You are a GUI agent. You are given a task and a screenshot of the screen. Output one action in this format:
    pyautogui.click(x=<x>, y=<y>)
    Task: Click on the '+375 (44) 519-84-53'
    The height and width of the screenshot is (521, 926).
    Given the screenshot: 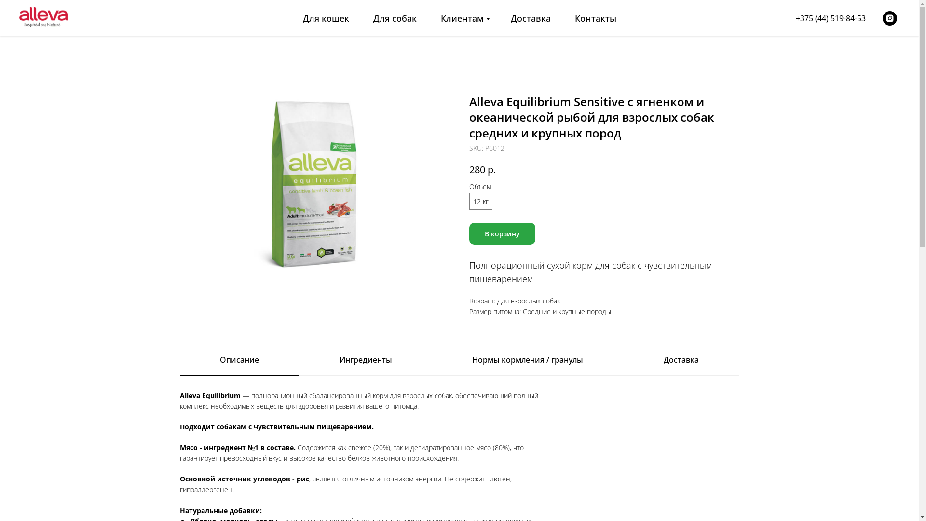 What is the action you would take?
    pyautogui.click(x=830, y=18)
    